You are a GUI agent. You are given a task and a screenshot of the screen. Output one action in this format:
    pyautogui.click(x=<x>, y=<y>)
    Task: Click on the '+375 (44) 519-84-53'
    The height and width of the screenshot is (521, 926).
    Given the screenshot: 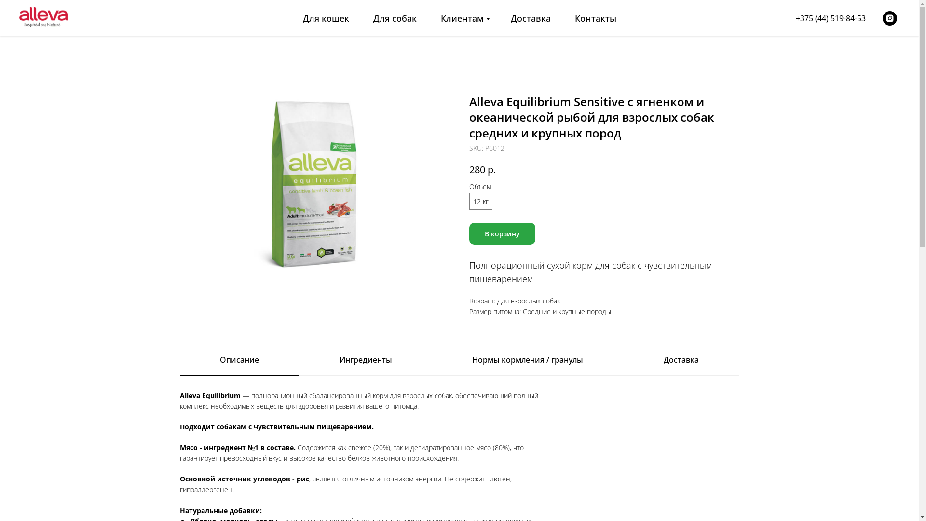 What is the action you would take?
    pyautogui.click(x=830, y=18)
    